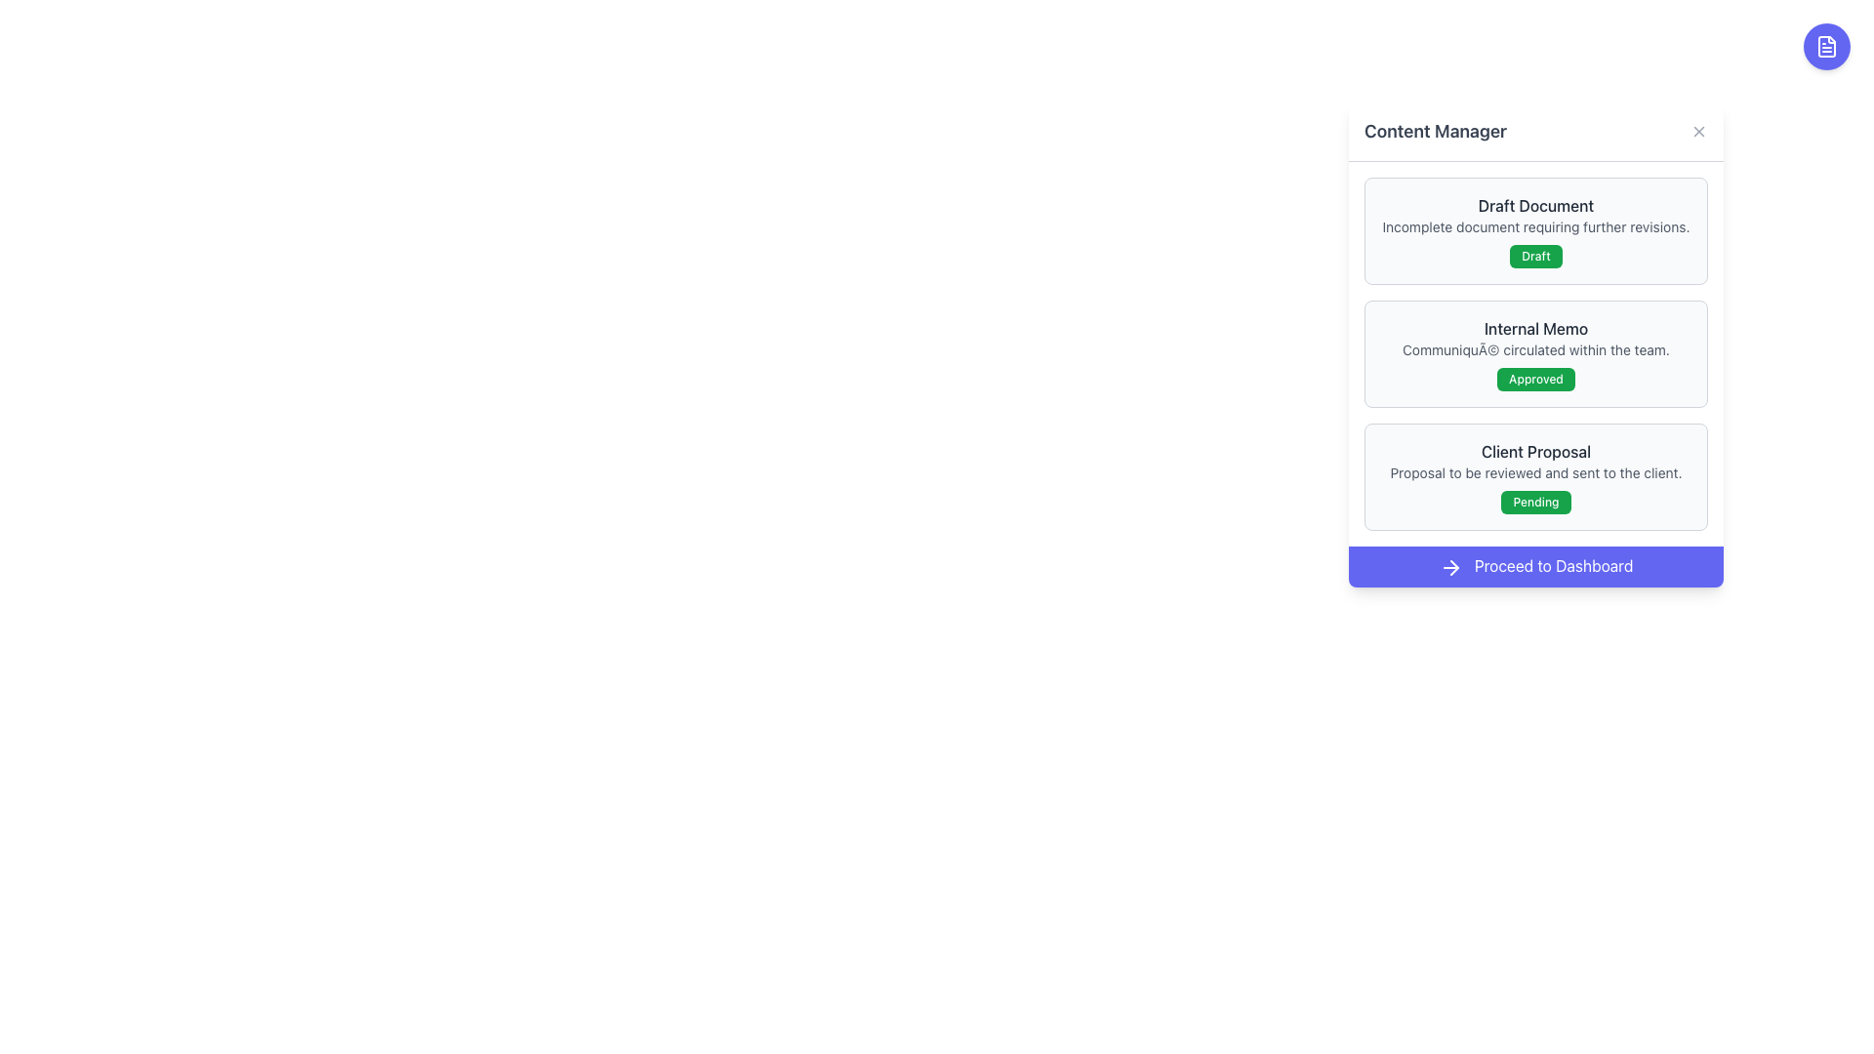 The width and height of the screenshot is (1874, 1054). I want to click on text information from the card titled 'Internal Memo', which contains the description 'Communiqué circulated within the team.' and the badge labeled 'Approved', so click(1535, 353).